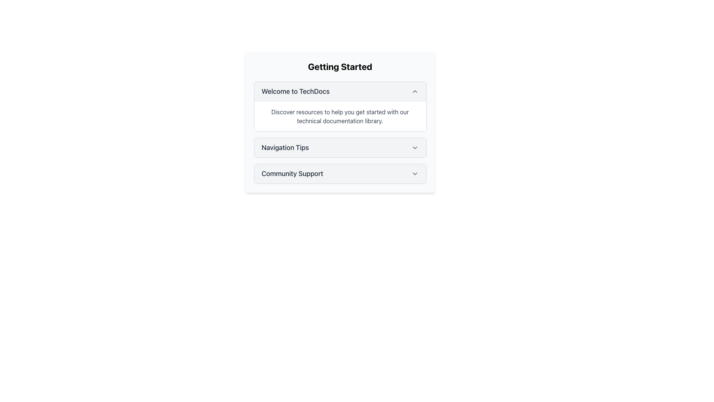  Describe the element at coordinates (340, 91) in the screenshot. I see `the 'Welcome to TechDocs' button located at the top of the 'Getting Started' section` at that location.